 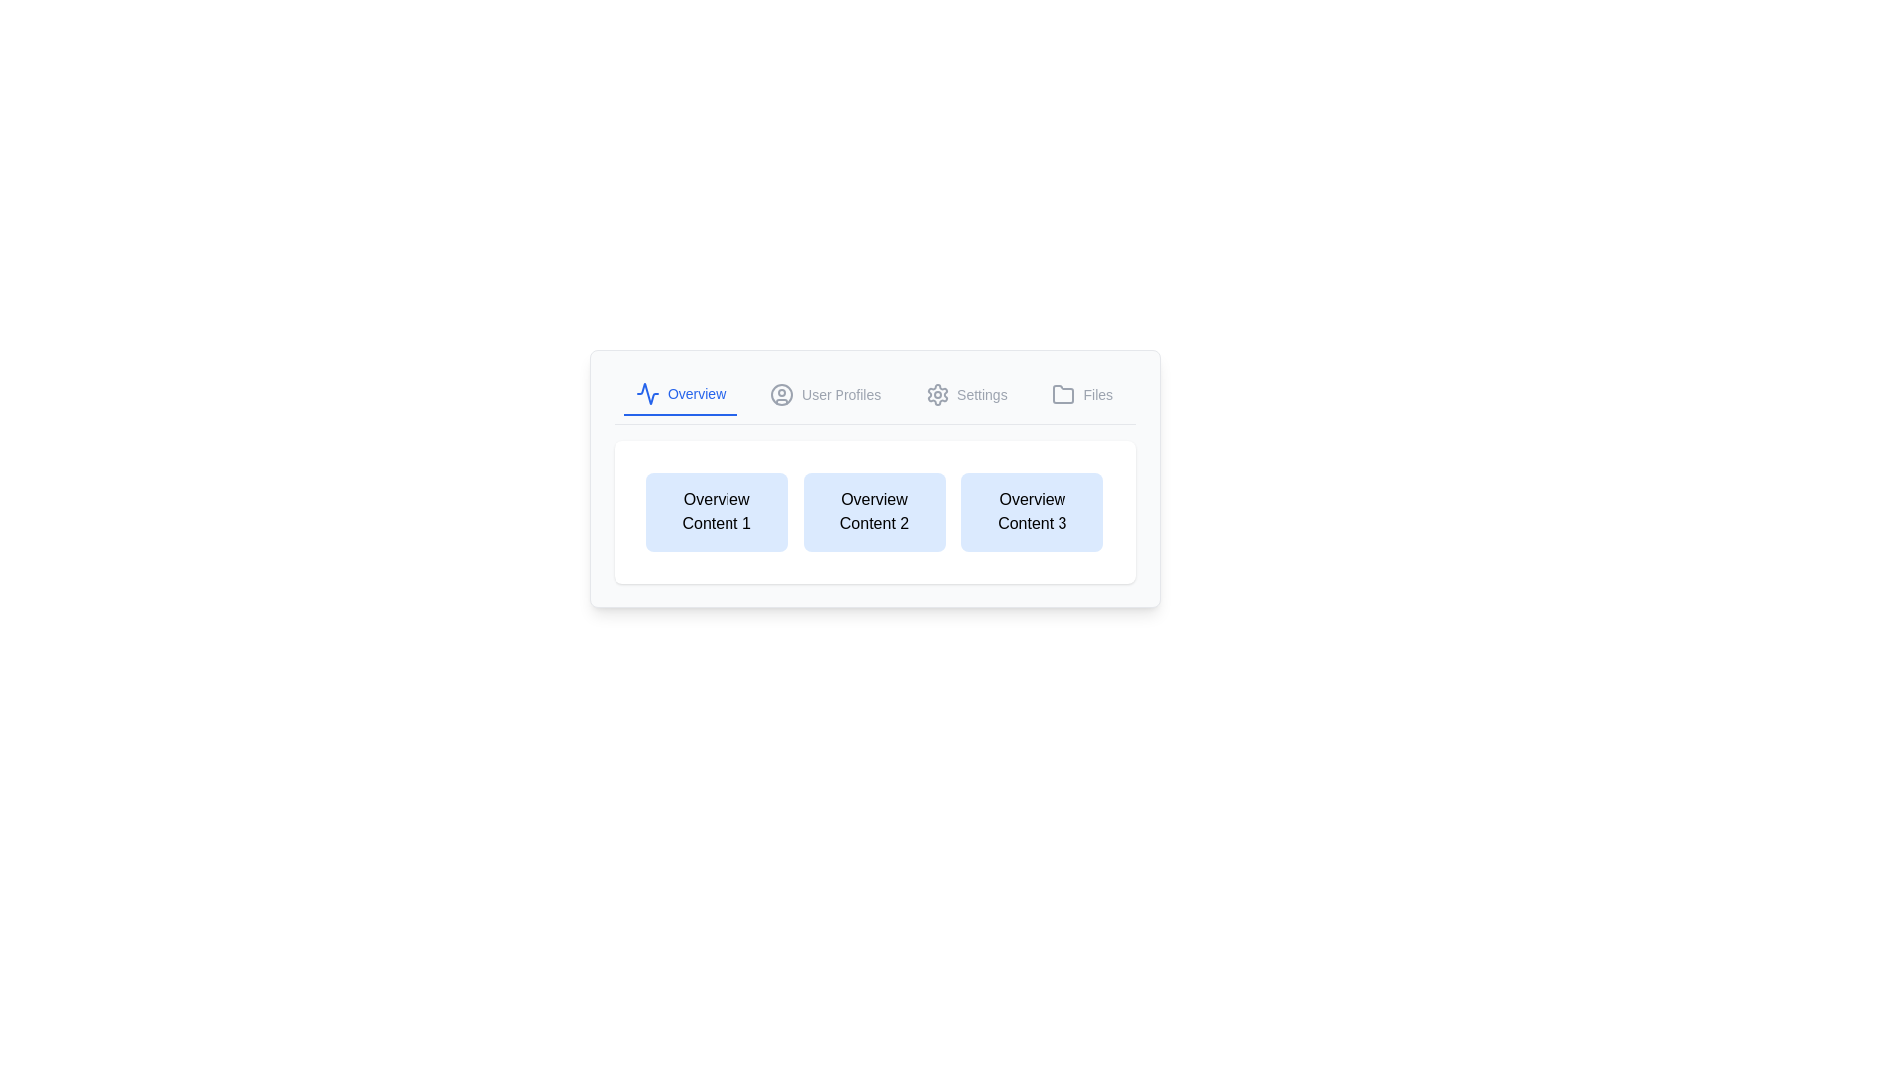 I want to click on the 'Overview' navigation tab, which is the leftmost tab in a horizontal list of navigation tabs, characterized by a blue text color, a pulse waveform icon, and a blue underline indicating its active state, so click(x=681, y=394).